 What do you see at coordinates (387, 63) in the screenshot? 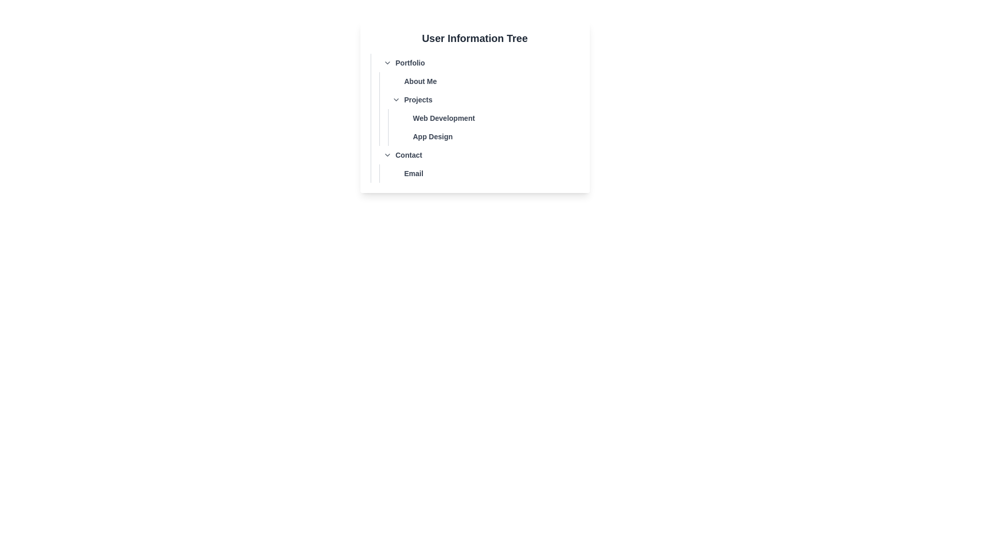
I see `the downward-facing chevron icon button, which is gray and has rounded edges, located to the left of the 'Portfolio' label` at bounding box center [387, 63].